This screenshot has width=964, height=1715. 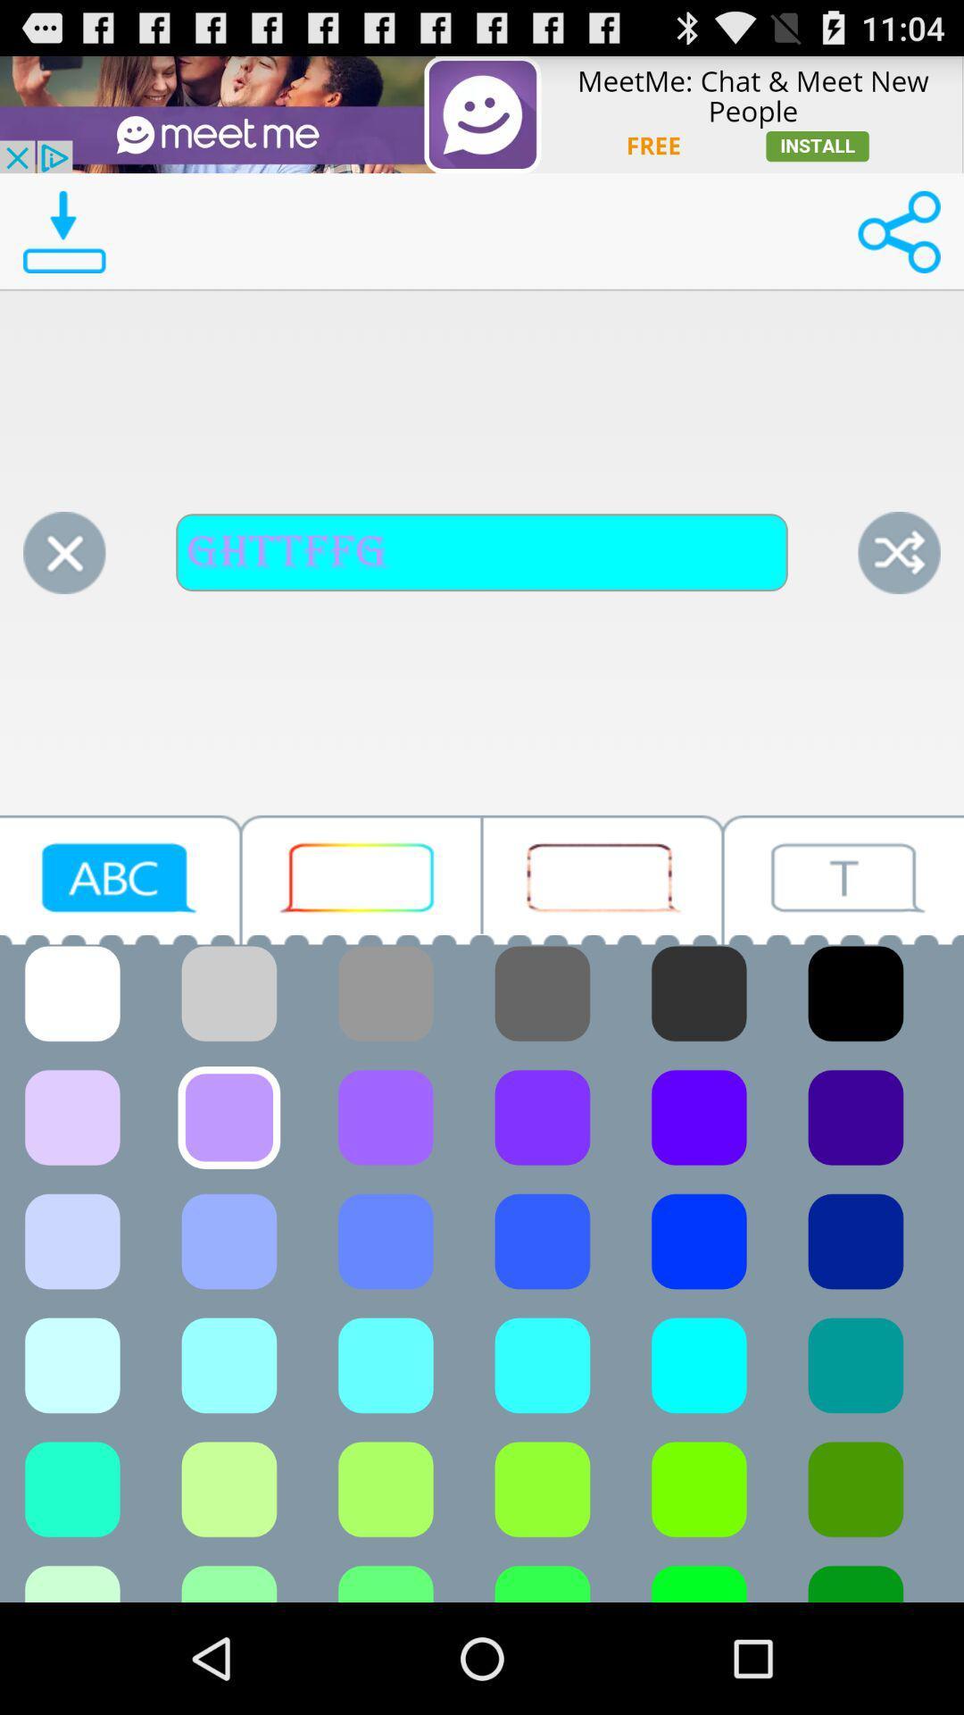 I want to click on shuffle, so click(x=899, y=552).